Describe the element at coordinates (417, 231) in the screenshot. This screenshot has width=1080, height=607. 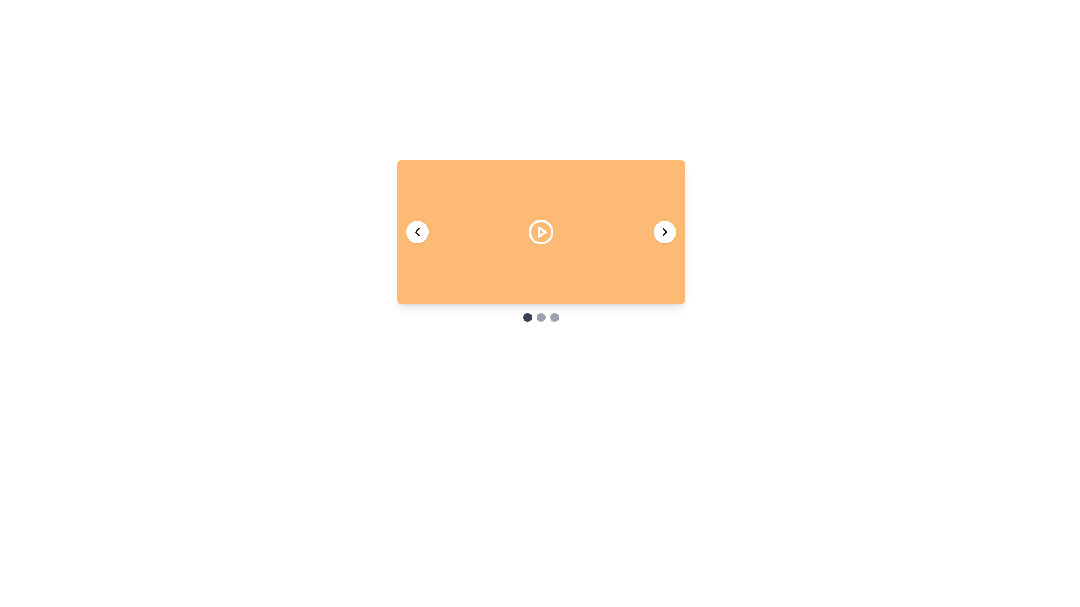
I see `the left-facing chevron icon for navigation located on the left side of the orange rectangular panel` at that location.